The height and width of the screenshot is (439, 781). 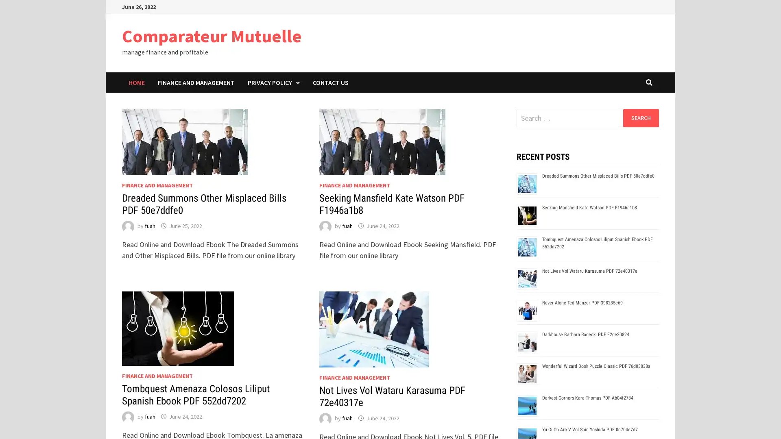 What do you see at coordinates (640, 117) in the screenshot?
I see `Search` at bounding box center [640, 117].